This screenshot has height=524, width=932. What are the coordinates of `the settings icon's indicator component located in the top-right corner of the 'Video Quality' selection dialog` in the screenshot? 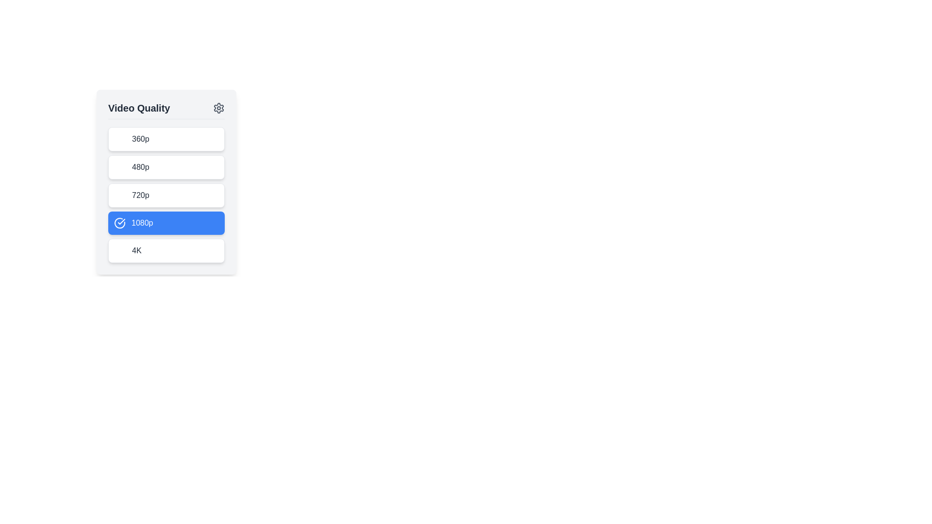 It's located at (218, 108).